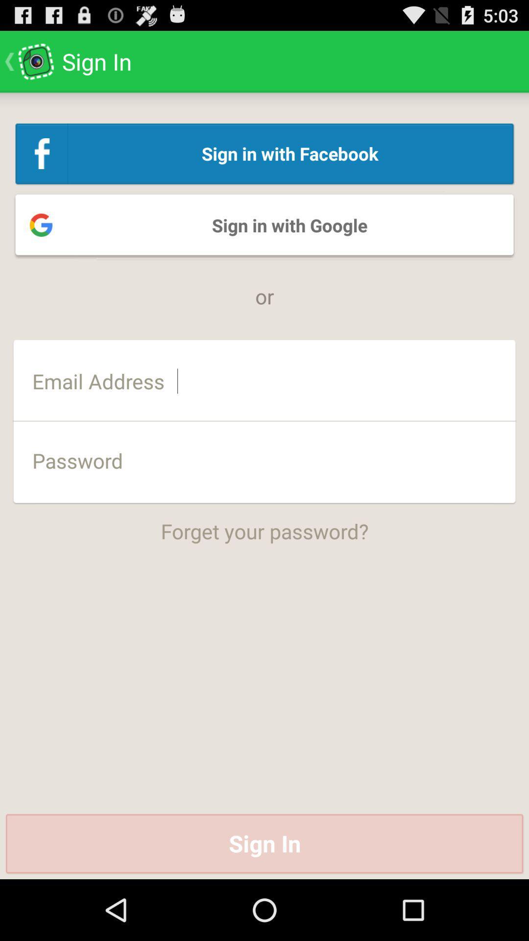  What do you see at coordinates (264, 524) in the screenshot?
I see `icon above sign in button` at bounding box center [264, 524].